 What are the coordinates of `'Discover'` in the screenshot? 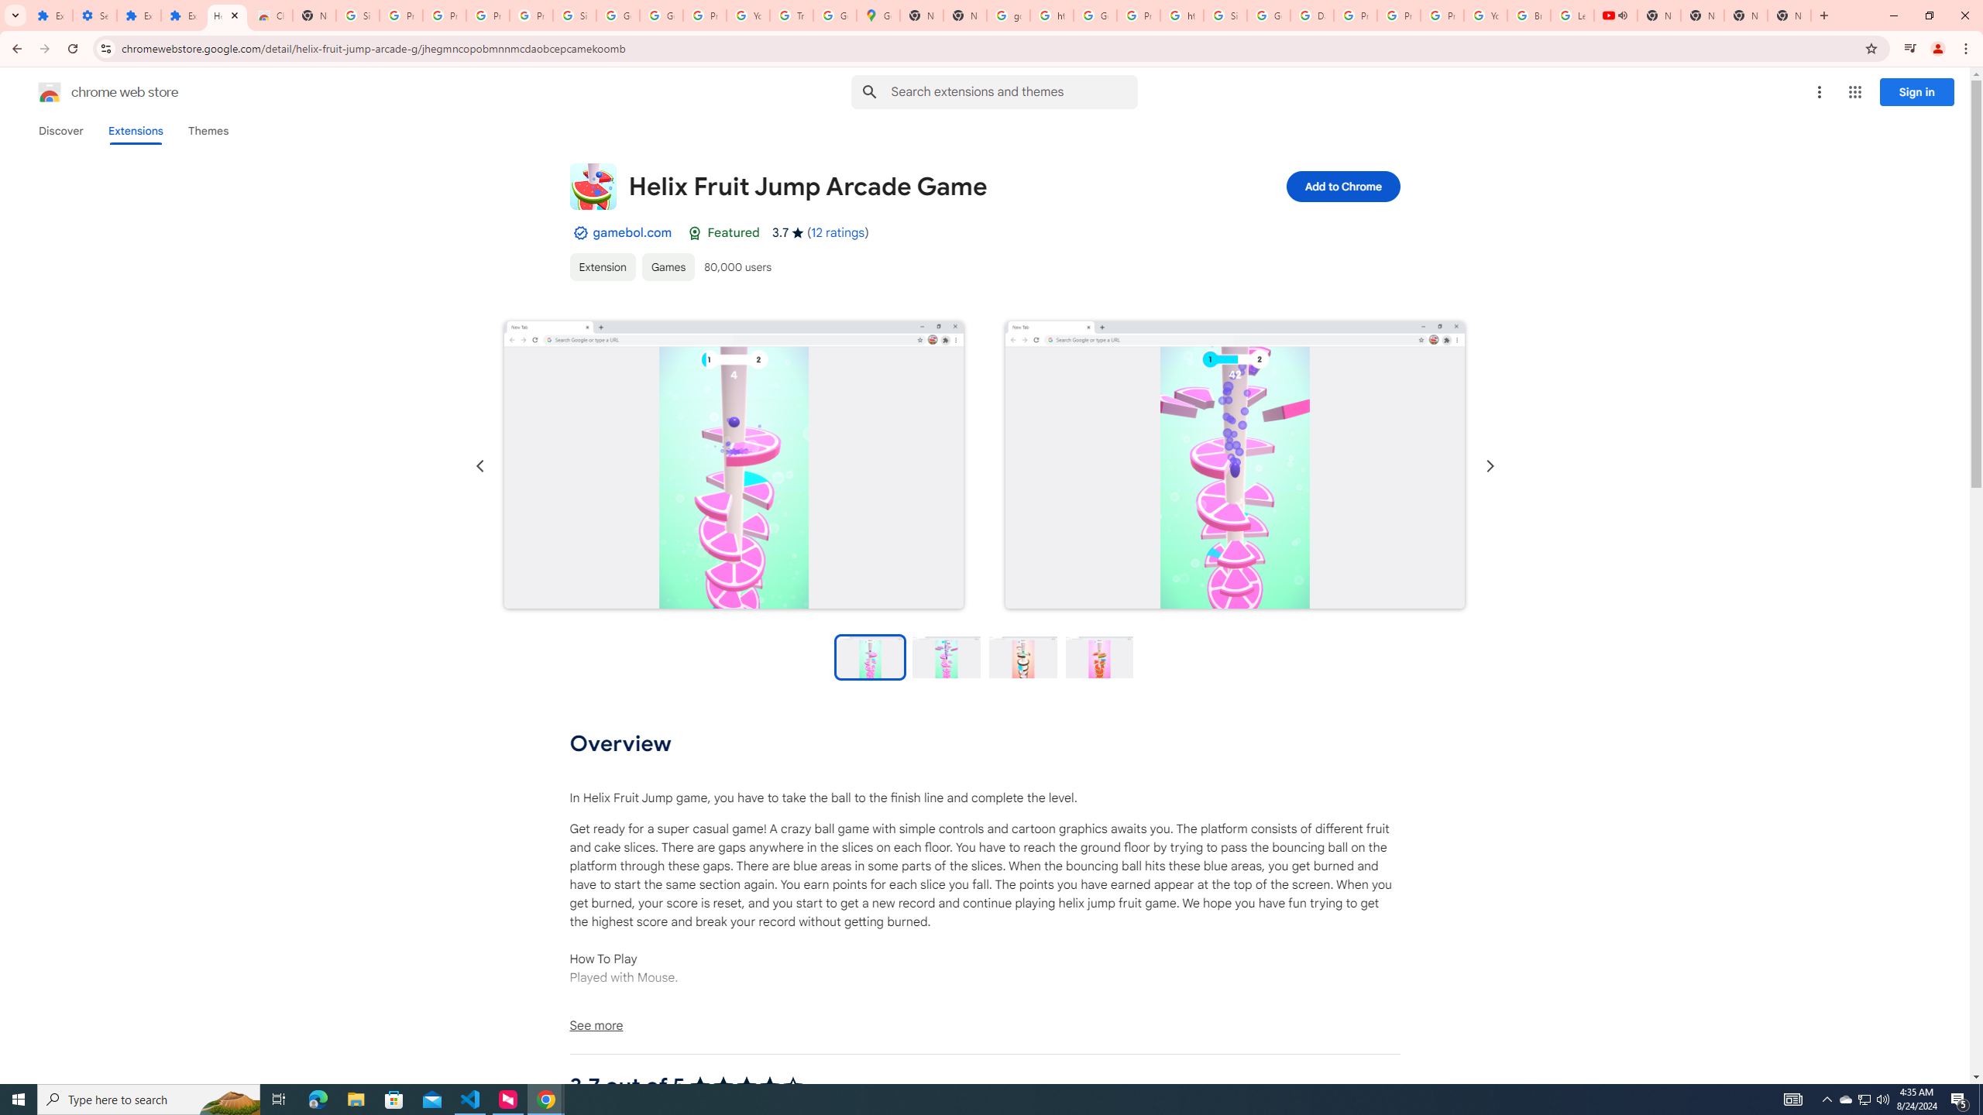 It's located at (60, 130).